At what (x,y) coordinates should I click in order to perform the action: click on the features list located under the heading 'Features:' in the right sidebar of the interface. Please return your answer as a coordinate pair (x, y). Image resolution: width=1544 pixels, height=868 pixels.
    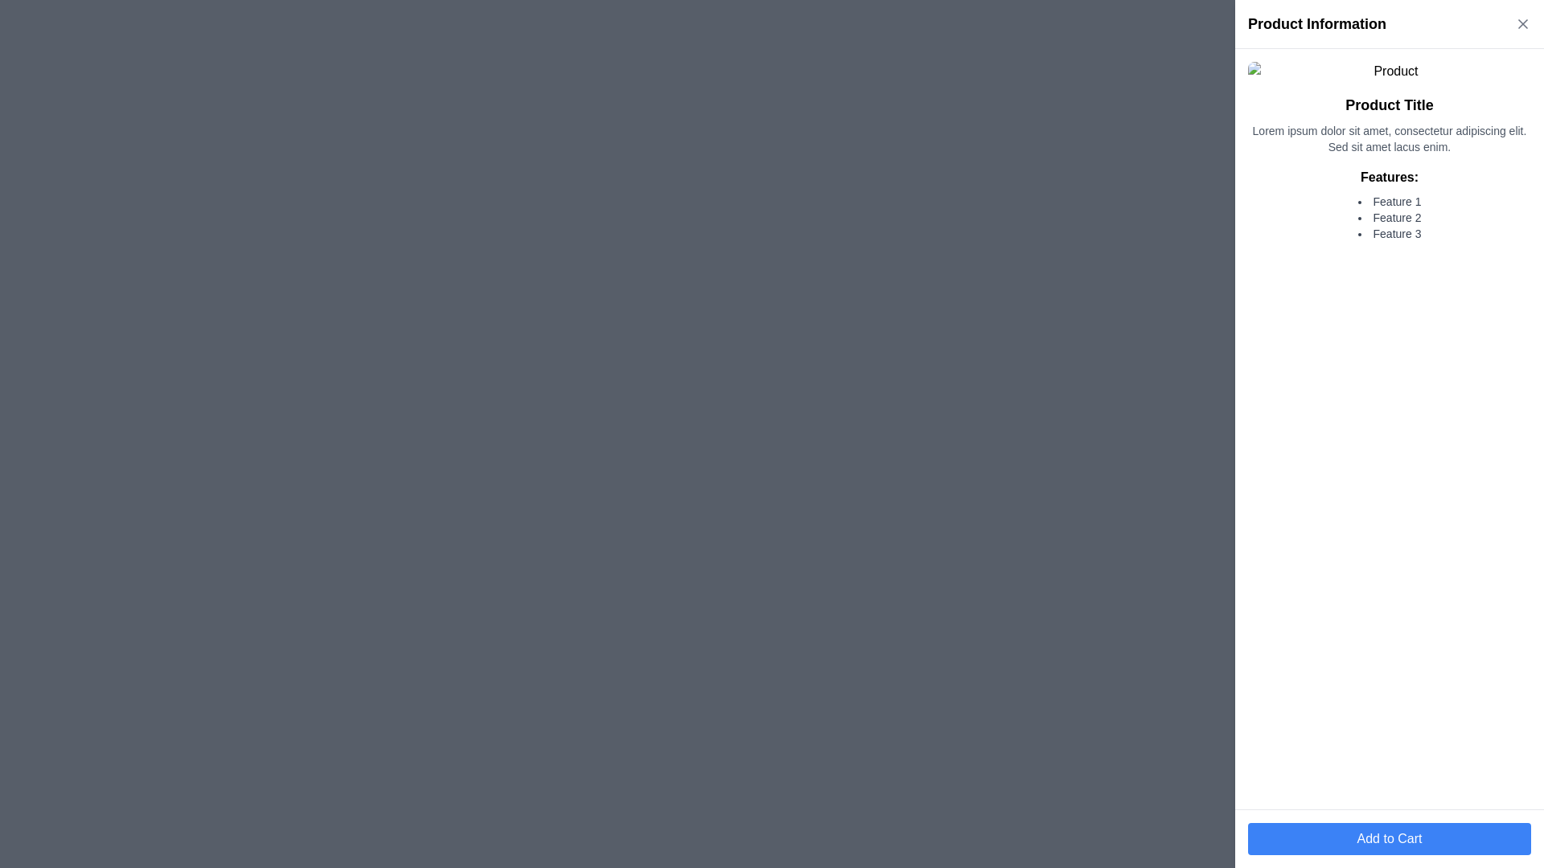
    Looking at the image, I should click on (1389, 217).